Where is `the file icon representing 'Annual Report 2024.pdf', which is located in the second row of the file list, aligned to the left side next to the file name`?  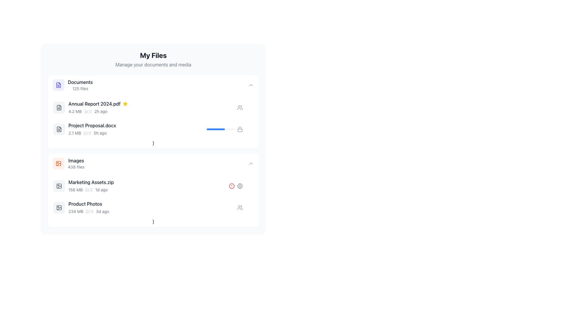 the file icon representing 'Annual Report 2024.pdf', which is located in the second row of the file list, aligned to the left side next to the file name is located at coordinates (59, 107).